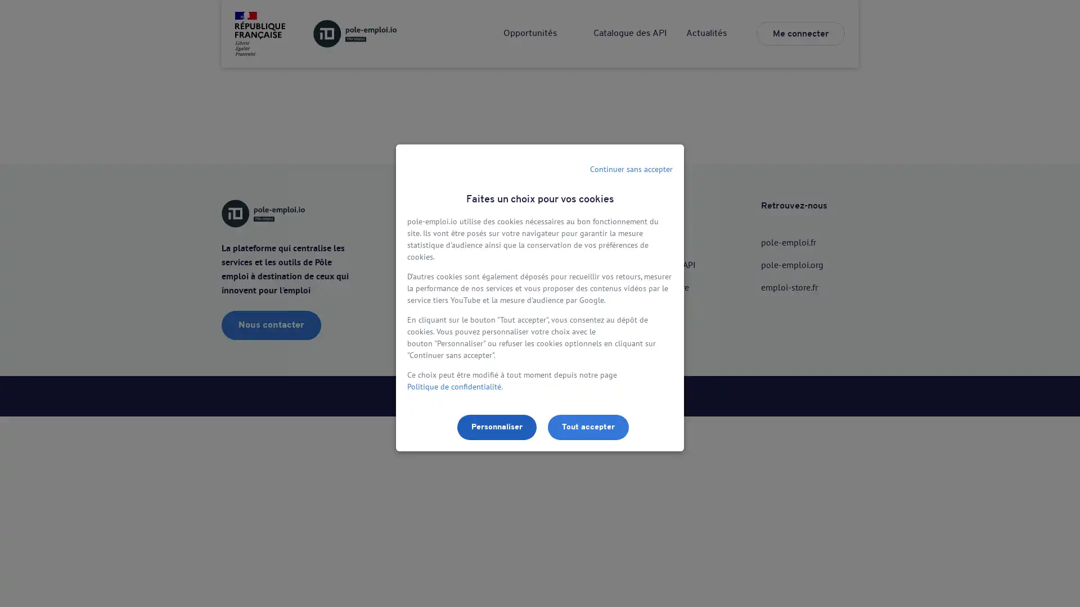 This screenshot has height=607, width=1080. I want to click on Tout accepter, so click(587, 427).